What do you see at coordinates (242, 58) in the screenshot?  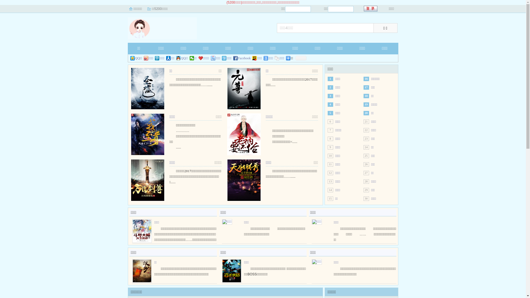 I see `'Facebook'` at bounding box center [242, 58].